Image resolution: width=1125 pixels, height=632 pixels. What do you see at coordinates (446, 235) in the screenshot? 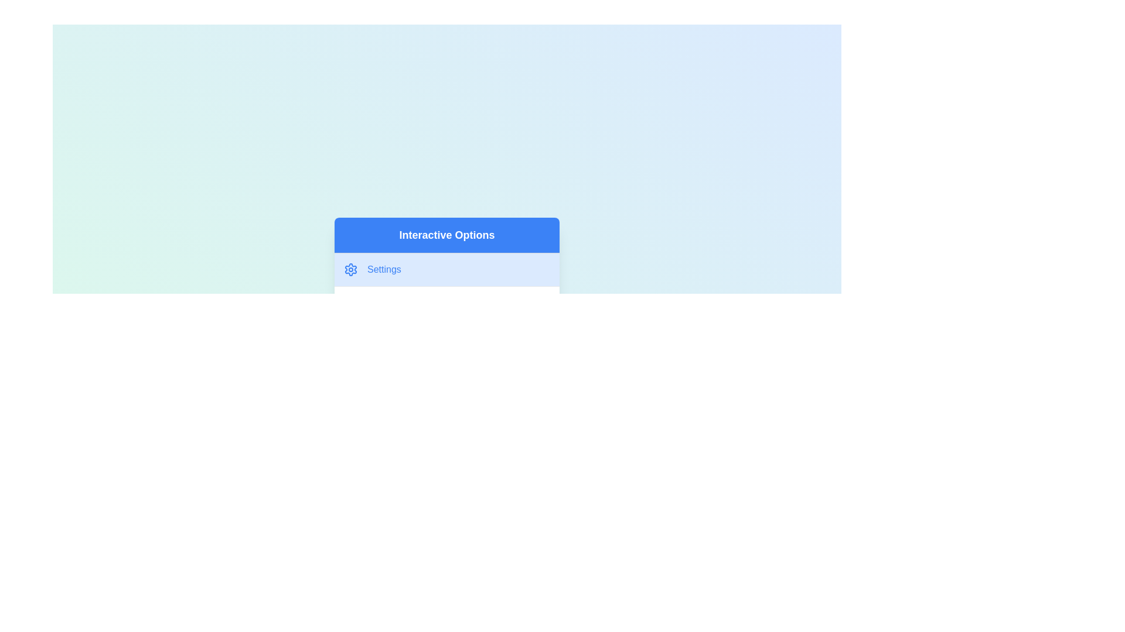
I see `the menu header labeled 'Interactive Options'` at bounding box center [446, 235].